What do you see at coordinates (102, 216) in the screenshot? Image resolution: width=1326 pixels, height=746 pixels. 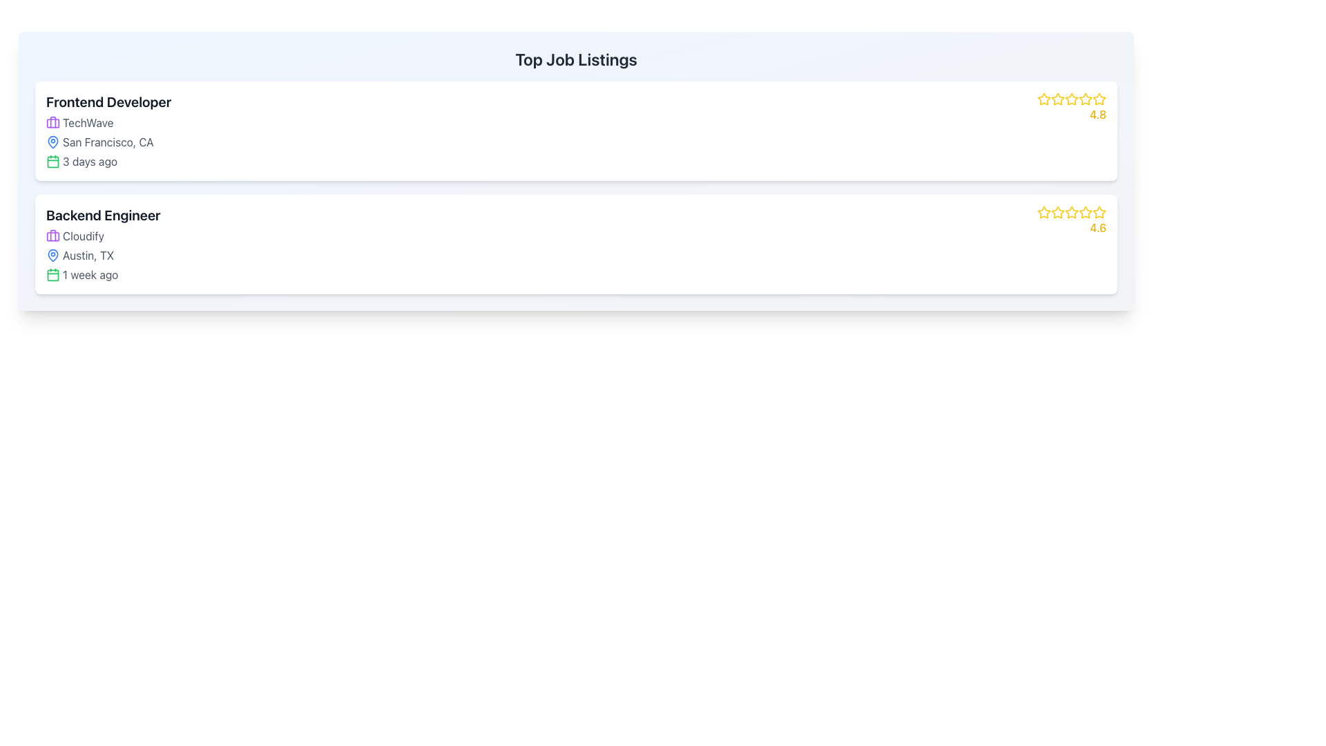 I see `text content of the job listing title label, which is centrally aligned at the top of the section above the text 'Cloudify'` at bounding box center [102, 216].